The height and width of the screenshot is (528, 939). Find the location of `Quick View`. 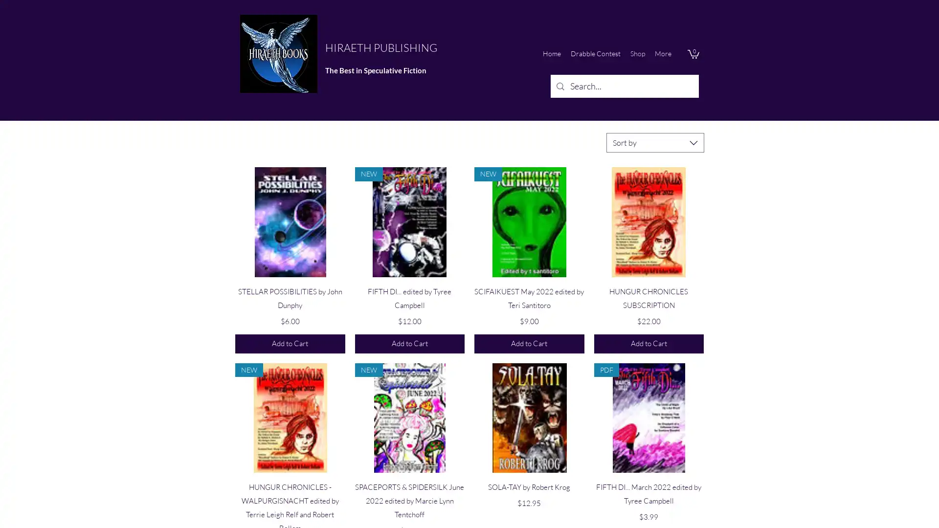

Quick View is located at coordinates (409, 288).